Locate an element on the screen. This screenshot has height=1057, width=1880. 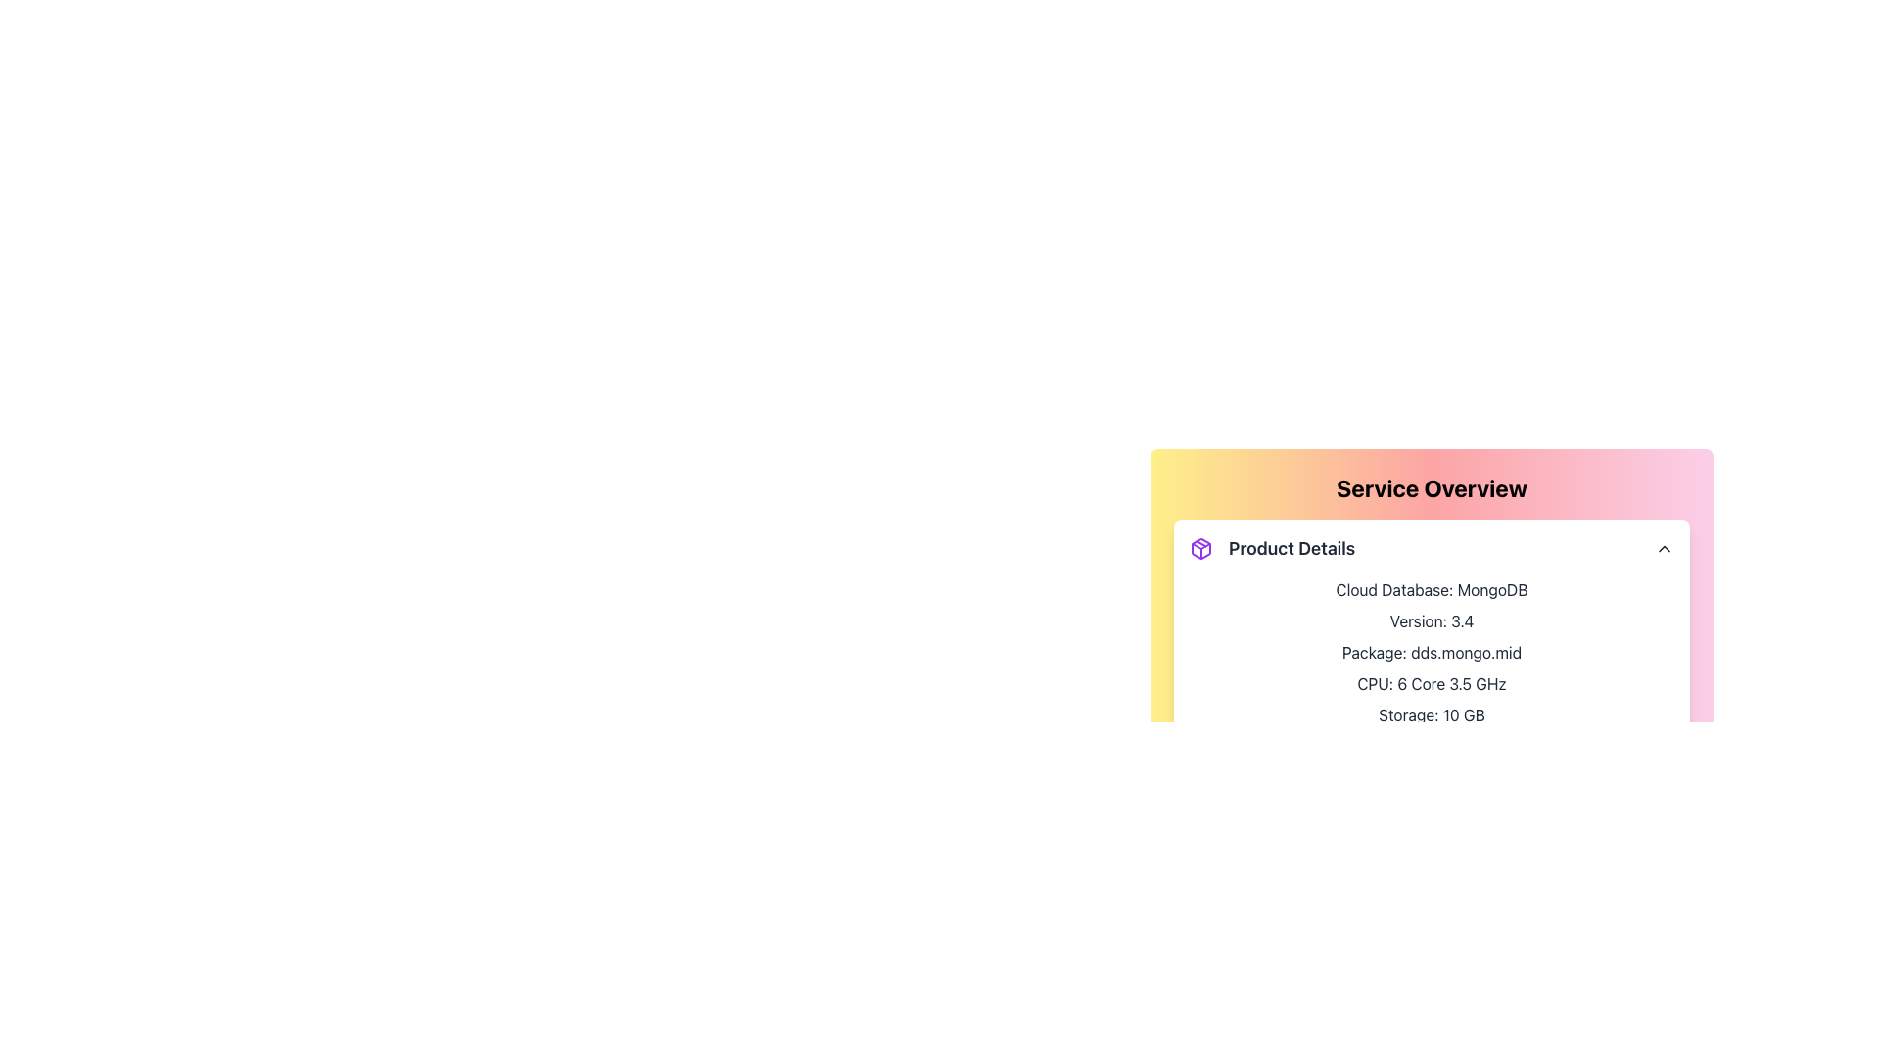
the informational label displaying 'Cloud Database' named 'MongoDB', which is the first item in the specifications list under 'Product Details' is located at coordinates (1432, 588).